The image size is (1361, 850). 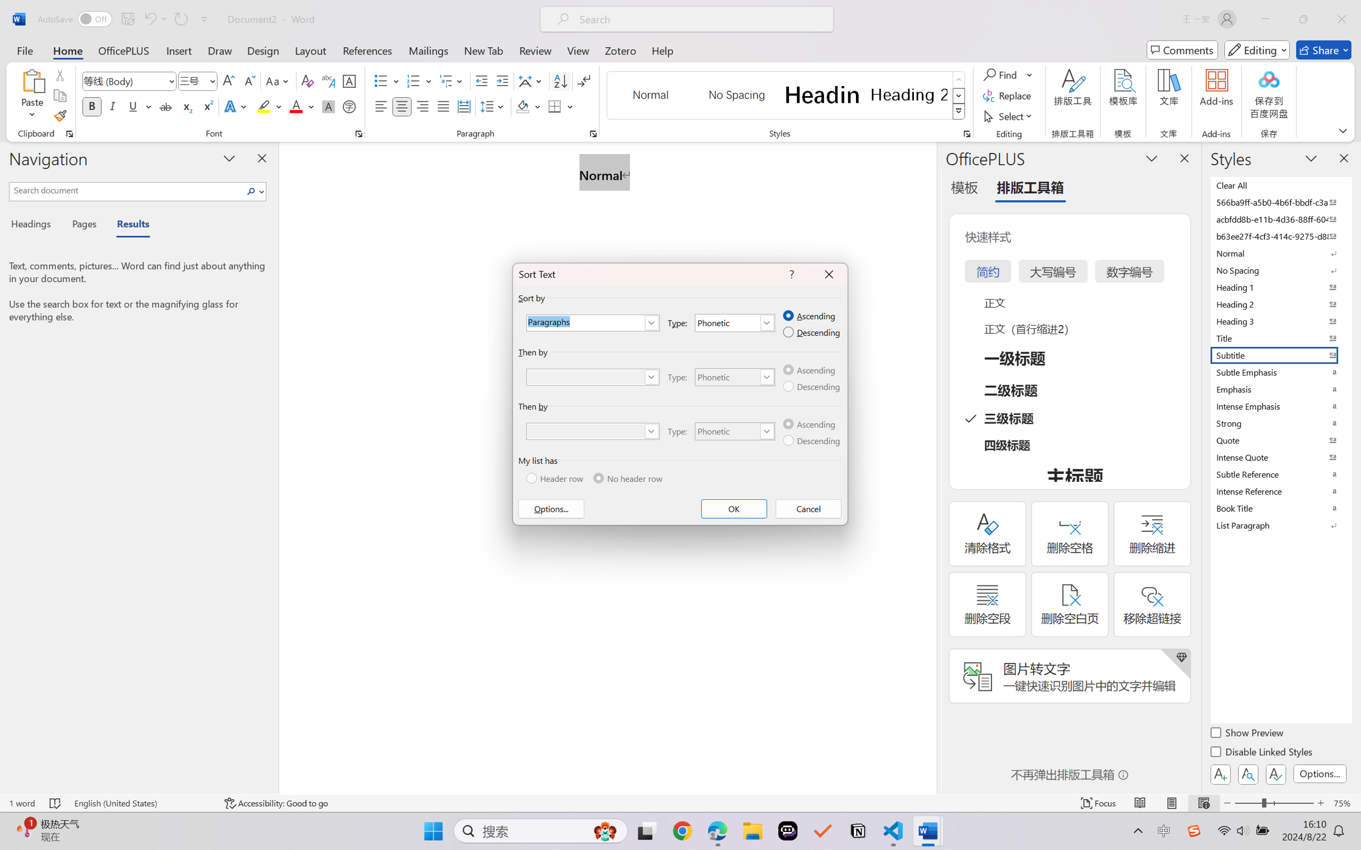 I want to click on 'Styles', so click(x=958, y=111).